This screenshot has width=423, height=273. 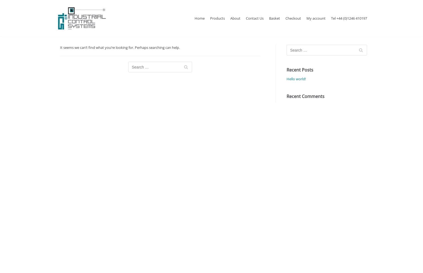 What do you see at coordinates (293, 18) in the screenshot?
I see `'Checkout'` at bounding box center [293, 18].